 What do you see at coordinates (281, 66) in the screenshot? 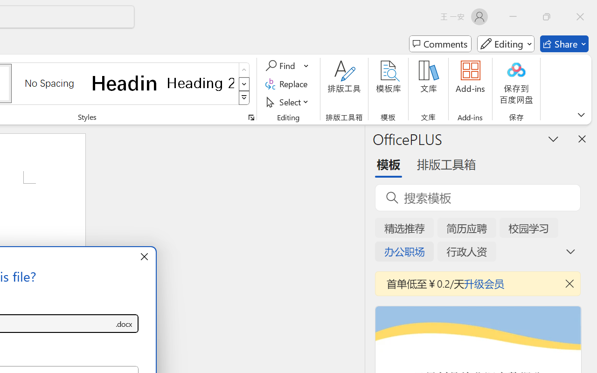
I see `'Find'` at bounding box center [281, 66].